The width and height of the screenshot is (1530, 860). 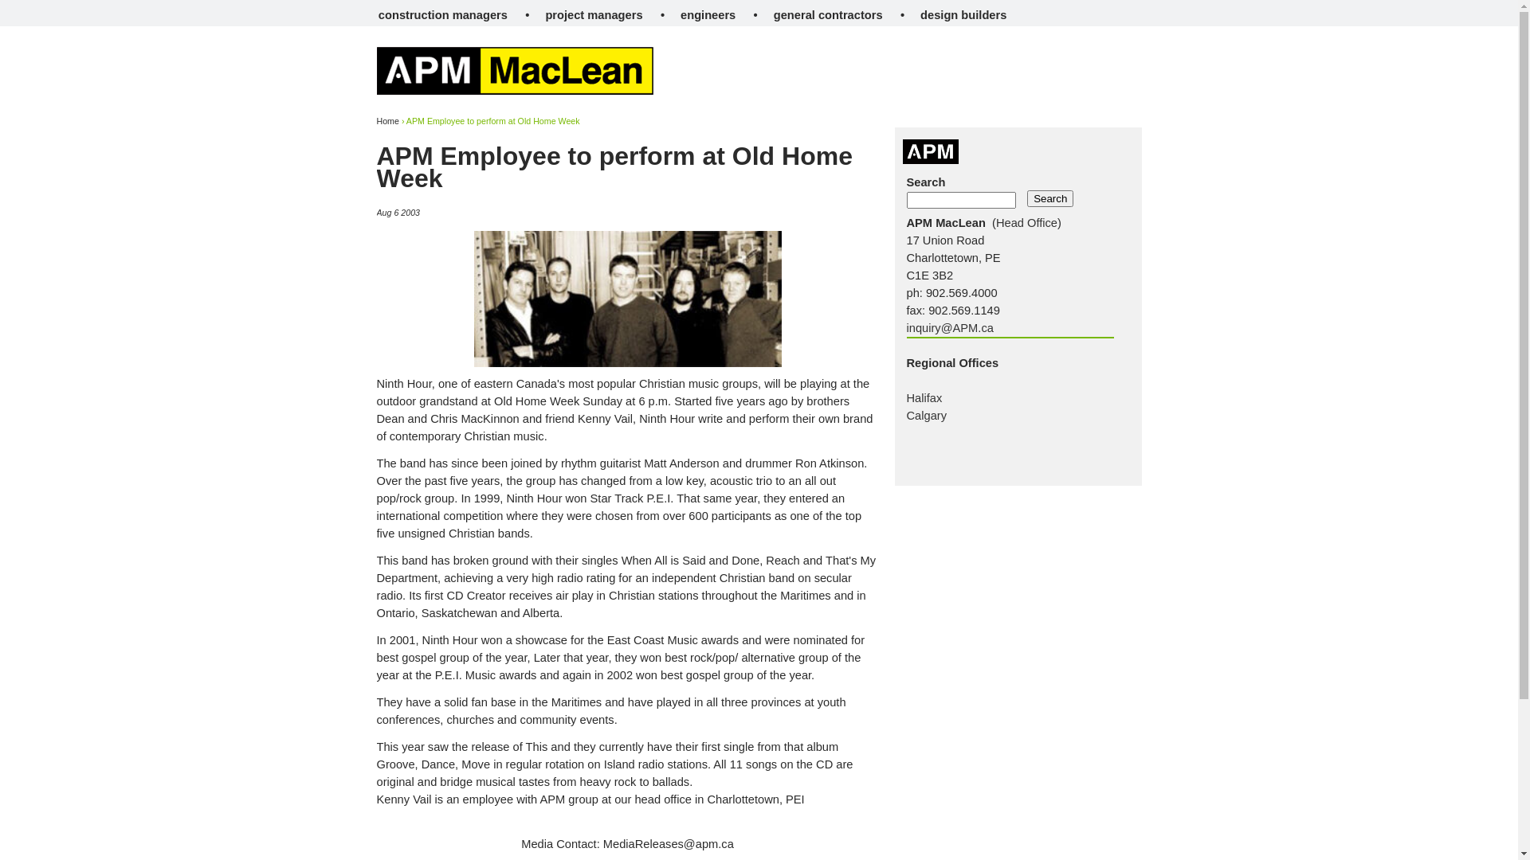 I want to click on 'Head Office', so click(x=1026, y=223).